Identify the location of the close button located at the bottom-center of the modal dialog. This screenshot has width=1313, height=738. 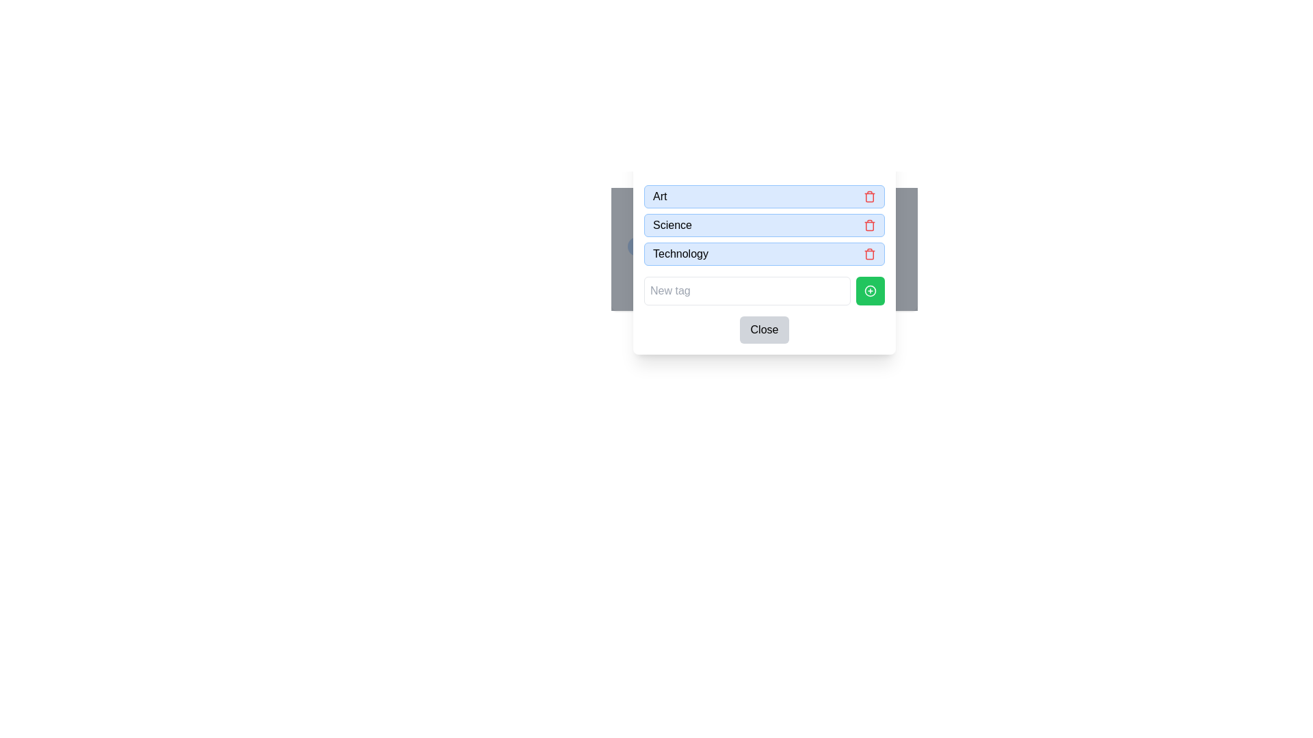
(764, 329).